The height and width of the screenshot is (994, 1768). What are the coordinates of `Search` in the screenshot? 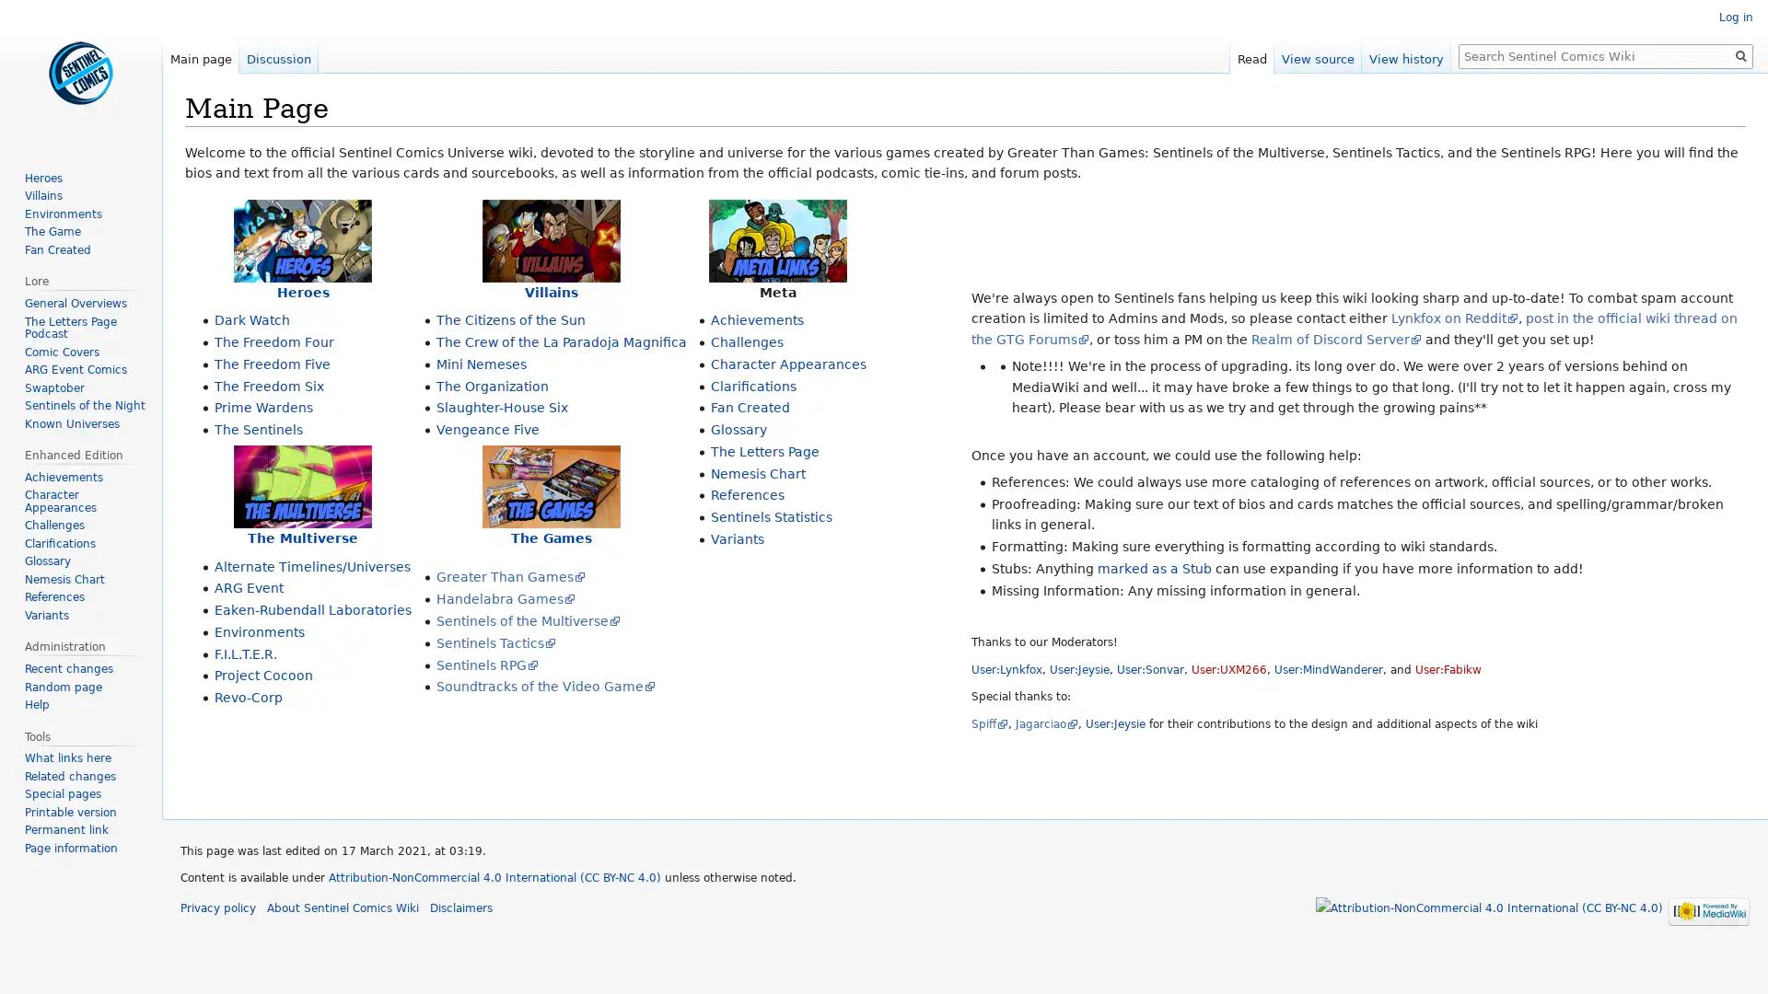 It's located at (1740, 55).